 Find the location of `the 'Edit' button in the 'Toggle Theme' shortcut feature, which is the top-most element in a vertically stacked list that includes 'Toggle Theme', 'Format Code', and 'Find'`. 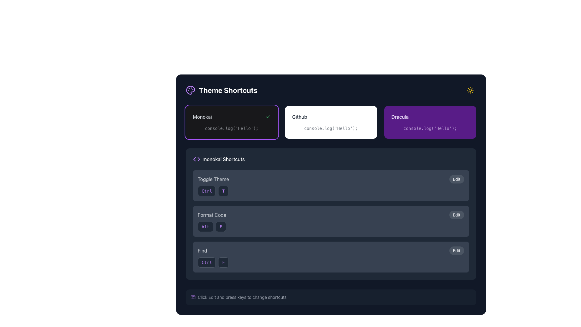

the 'Edit' button in the 'Toggle Theme' shortcut feature, which is the top-most element in a vertically stacked list that includes 'Toggle Theme', 'Format Code', and 'Find' is located at coordinates (330, 185).